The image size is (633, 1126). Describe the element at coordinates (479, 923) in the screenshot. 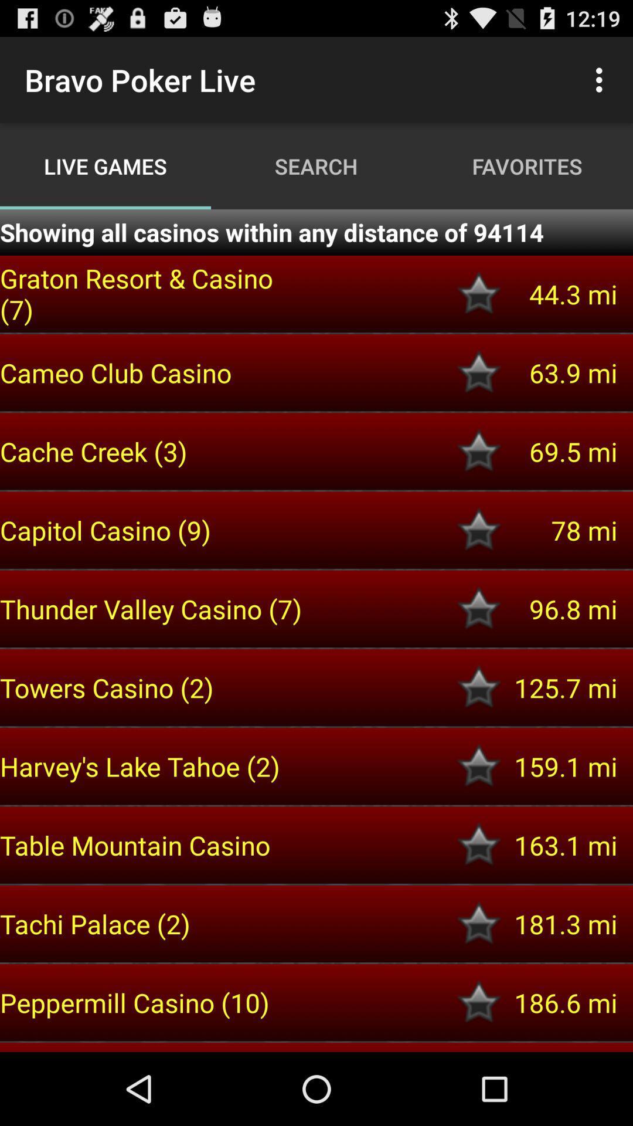

I see `a favorite` at that location.